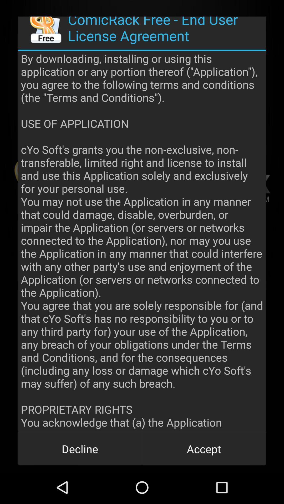 The width and height of the screenshot is (284, 504). Describe the element at coordinates (204, 448) in the screenshot. I see `button to the right of the decline icon` at that location.